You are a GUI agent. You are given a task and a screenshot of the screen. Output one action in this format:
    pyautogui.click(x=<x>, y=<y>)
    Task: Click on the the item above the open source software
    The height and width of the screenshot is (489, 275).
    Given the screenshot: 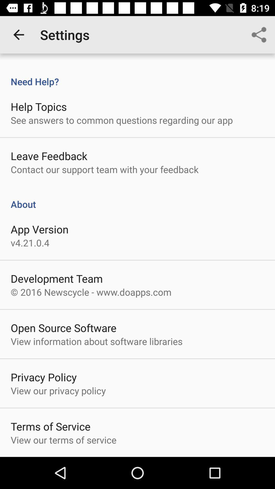 What is the action you would take?
    pyautogui.click(x=91, y=292)
    